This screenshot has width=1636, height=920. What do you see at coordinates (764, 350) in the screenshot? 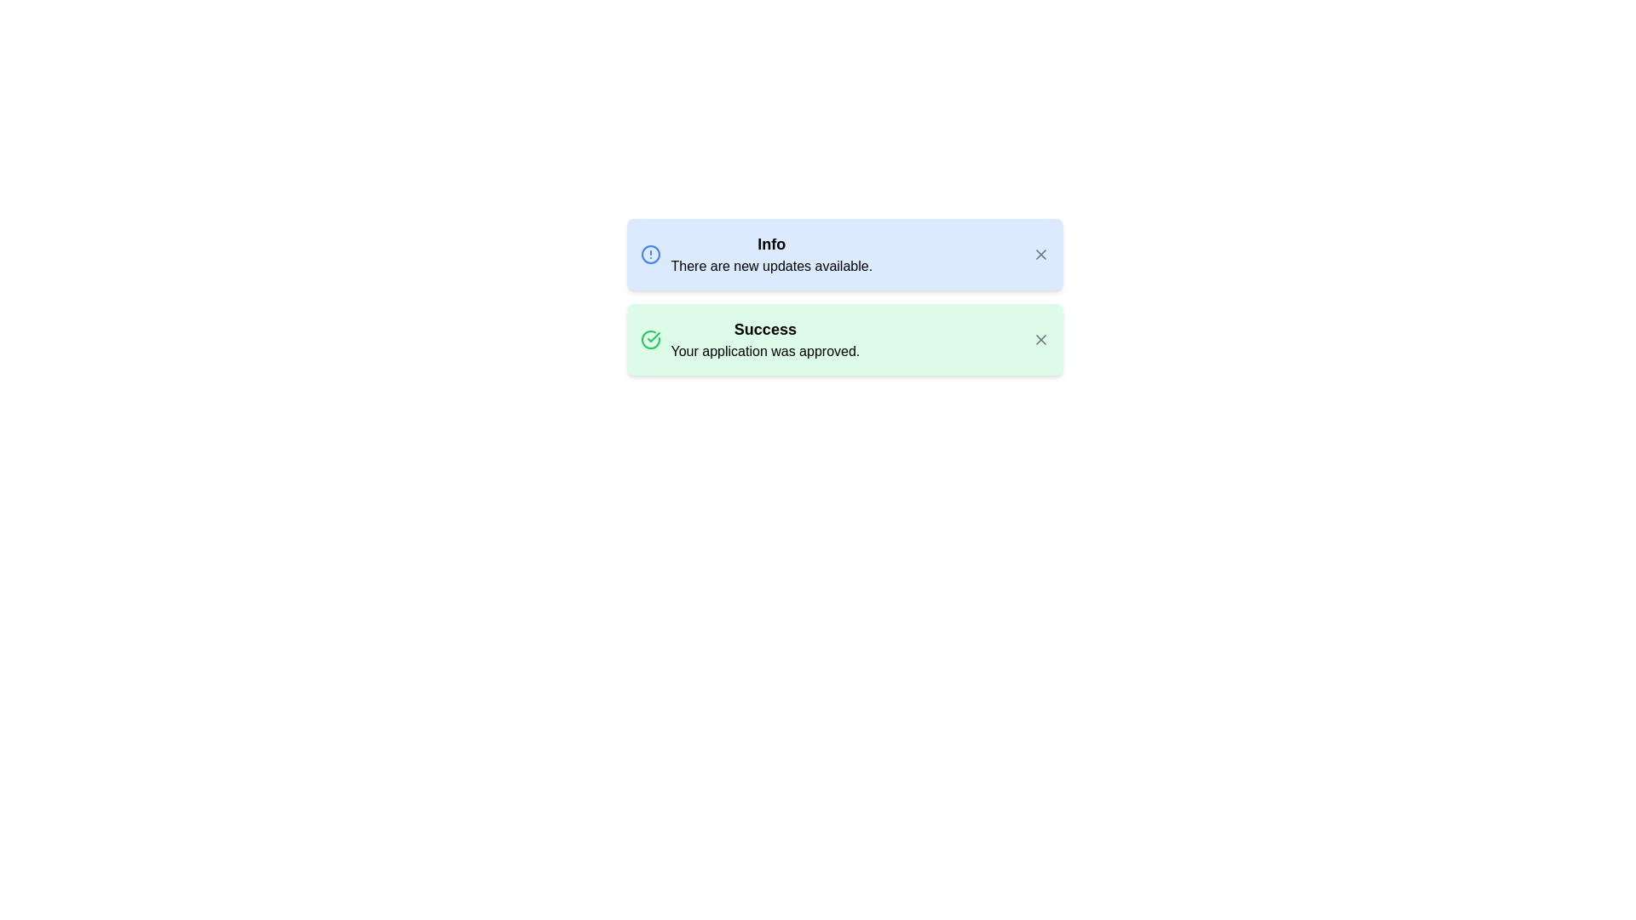
I see `the Text Label displaying 'Your application was approved.' located beneath the bold 'Success' heading in the light green notification box` at bounding box center [764, 350].